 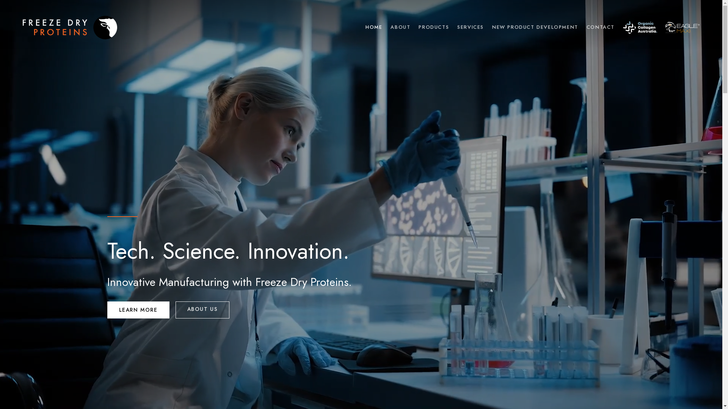 What do you see at coordinates (400, 27) in the screenshot?
I see `'ABOUT'` at bounding box center [400, 27].